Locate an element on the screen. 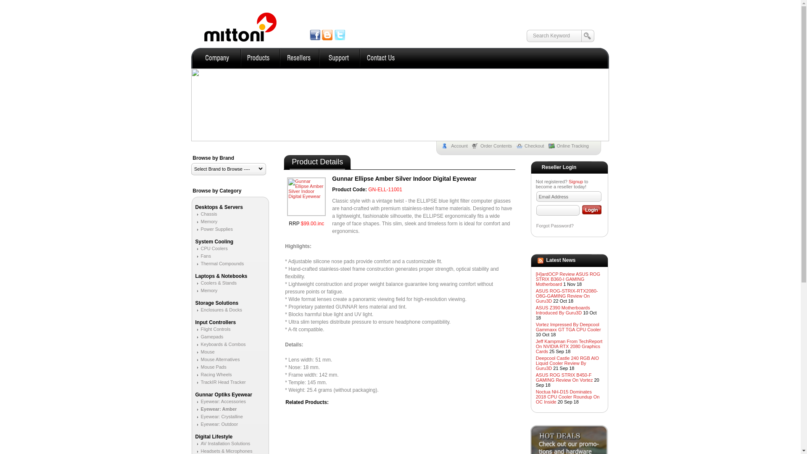 The height and width of the screenshot is (454, 807). 'Eyewear: Accessories' is located at coordinates (220, 401).